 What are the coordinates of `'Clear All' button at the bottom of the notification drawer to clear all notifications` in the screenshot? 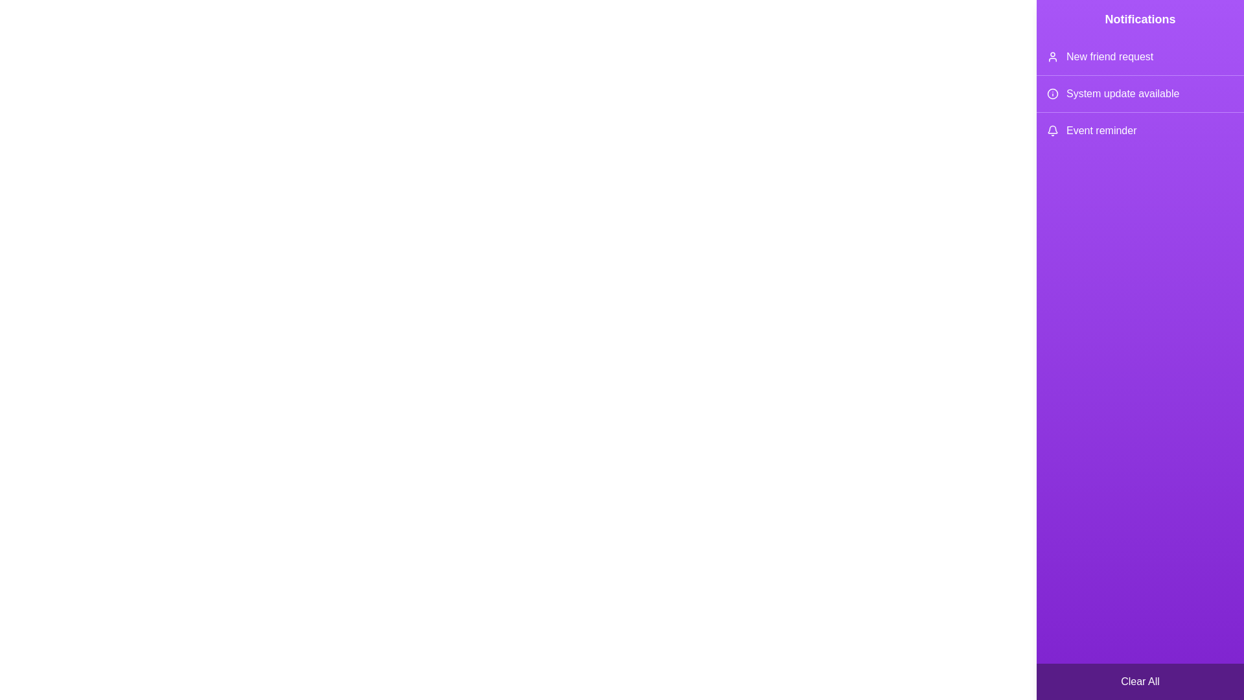 It's located at (1140, 681).